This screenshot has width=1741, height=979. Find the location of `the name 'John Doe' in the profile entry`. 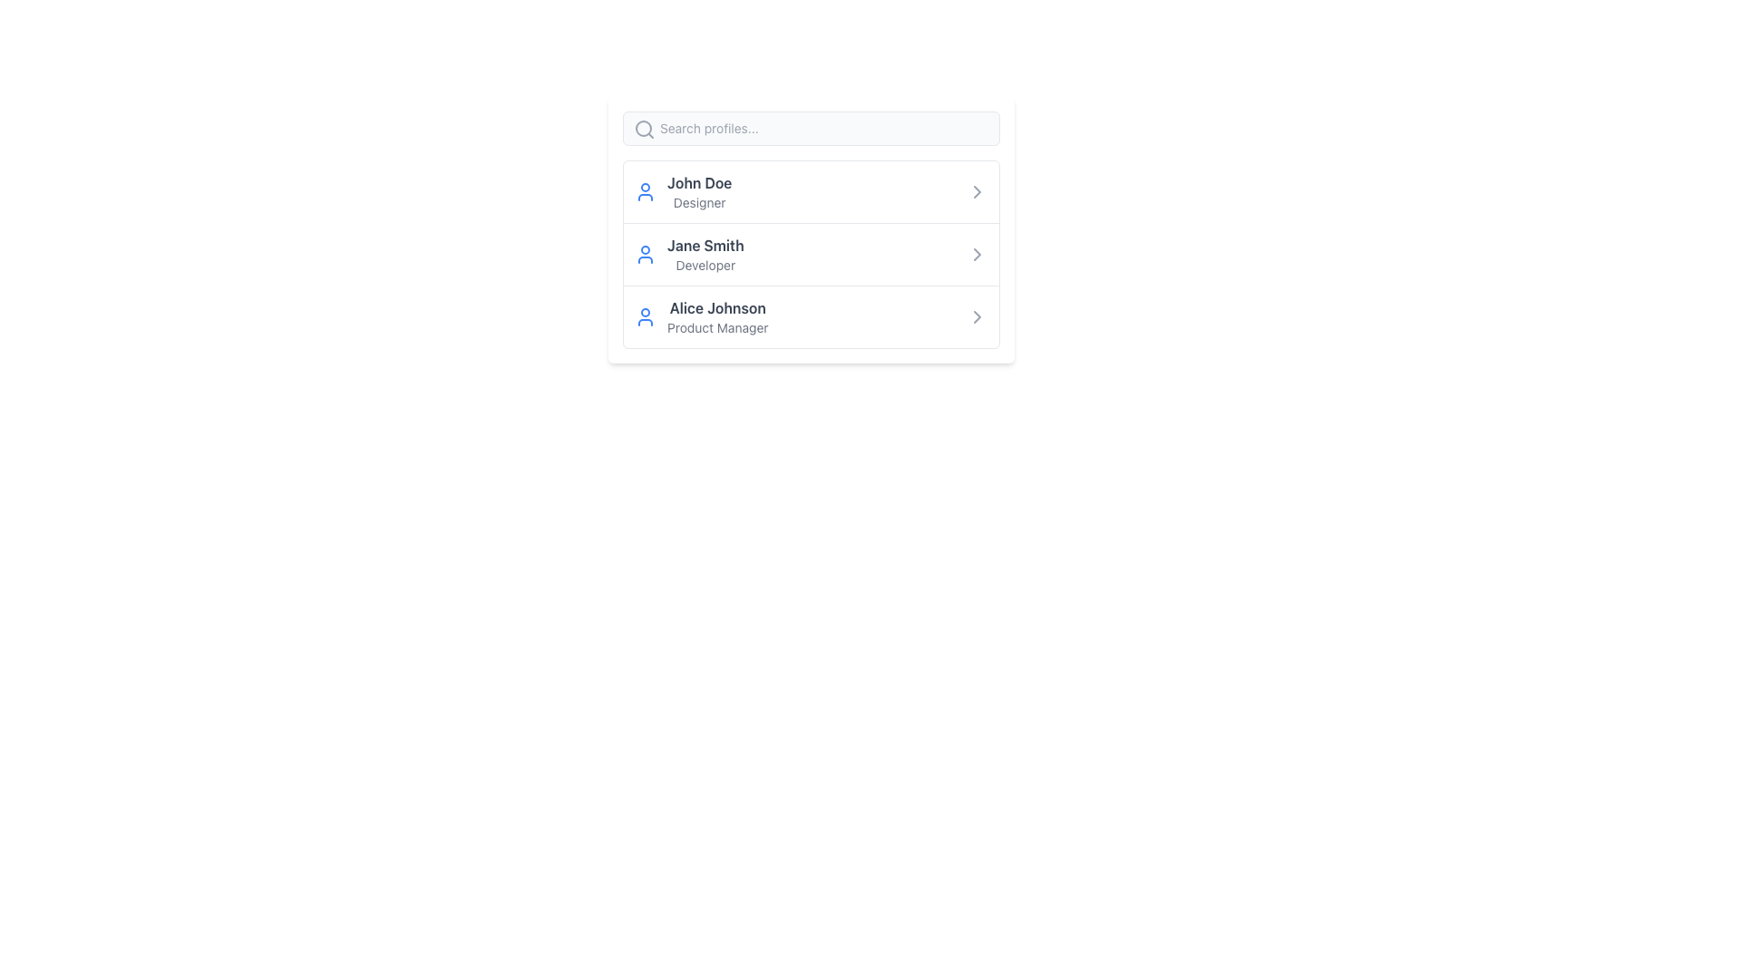

the name 'John Doe' in the profile entry is located at coordinates (682, 192).